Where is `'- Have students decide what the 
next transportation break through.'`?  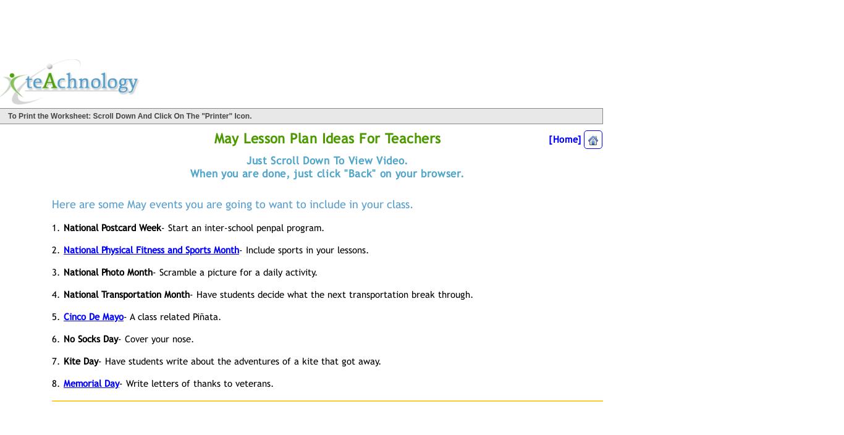
'- Have students decide what the 
next transportation break through.' is located at coordinates (331, 294).